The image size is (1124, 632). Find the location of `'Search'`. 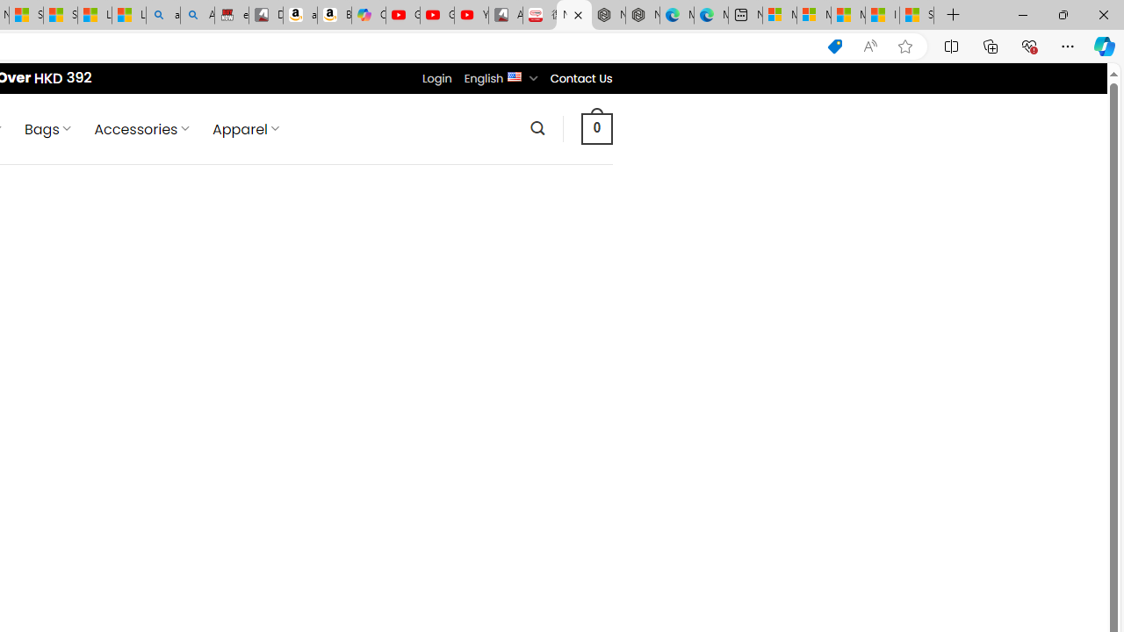

'Search' is located at coordinates (537, 127).